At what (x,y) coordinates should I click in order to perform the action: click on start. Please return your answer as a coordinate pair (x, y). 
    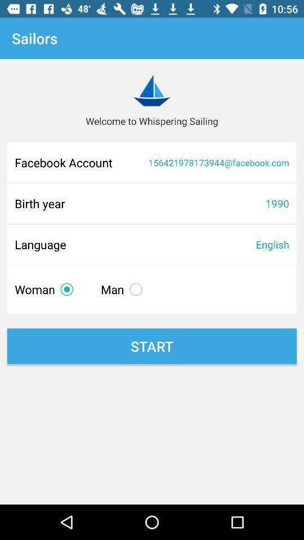
    Looking at the image, I should click on (152, 345).